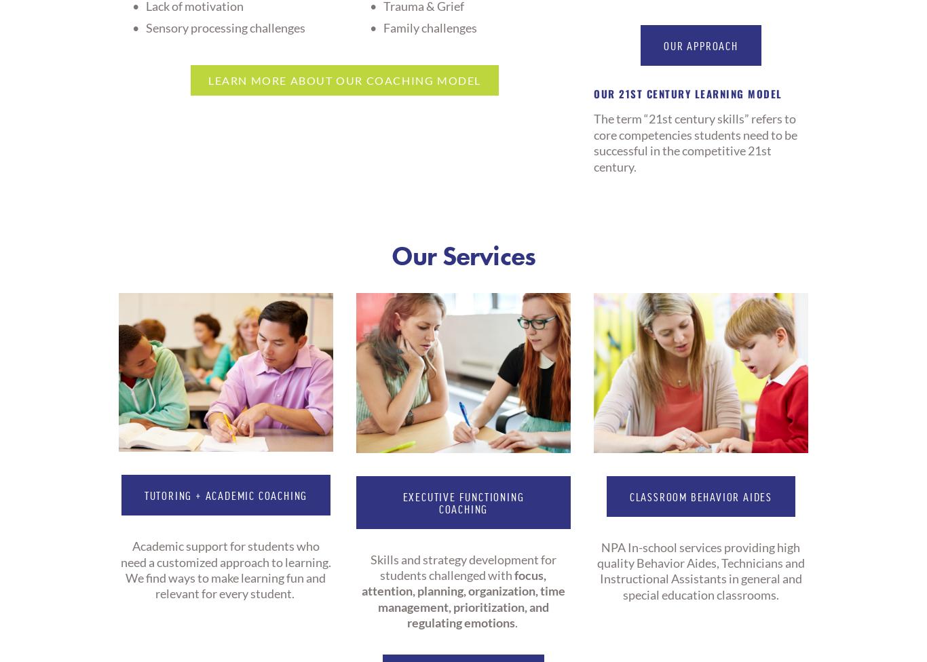 The height and width of the screenshot is (662, 927). Describe the element at coordinates (225, 494) in the screenshot. I see `'tutoring + ACADEMIC Coaching'` at that location.